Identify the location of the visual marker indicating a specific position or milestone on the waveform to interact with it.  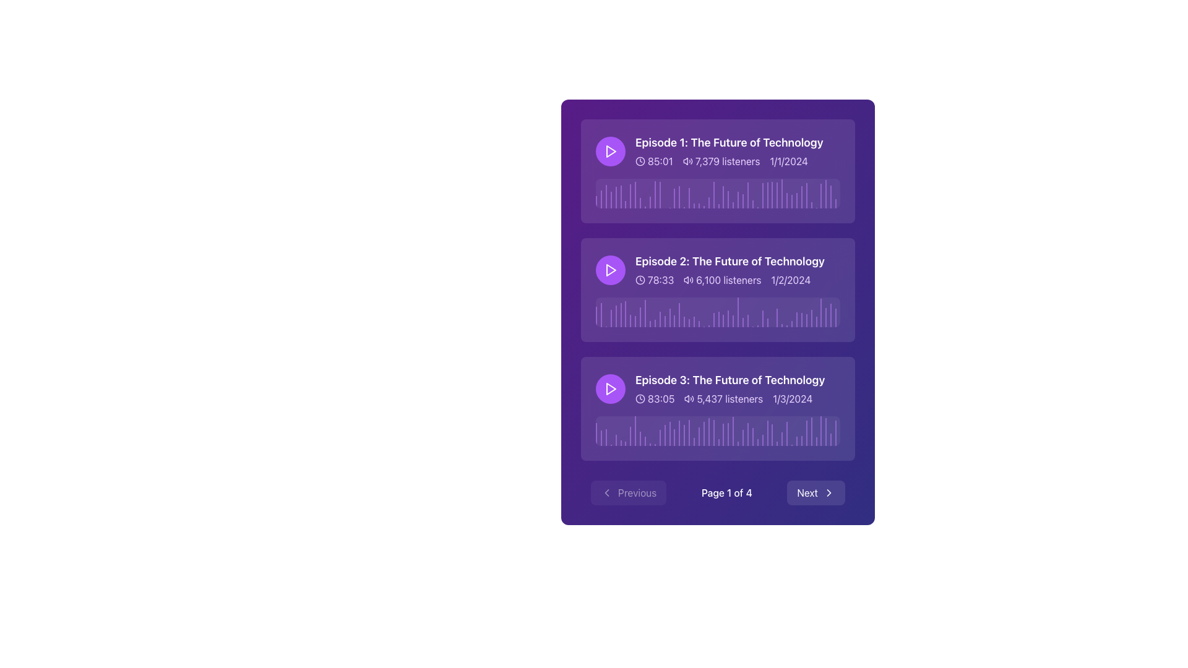
(713, 195).